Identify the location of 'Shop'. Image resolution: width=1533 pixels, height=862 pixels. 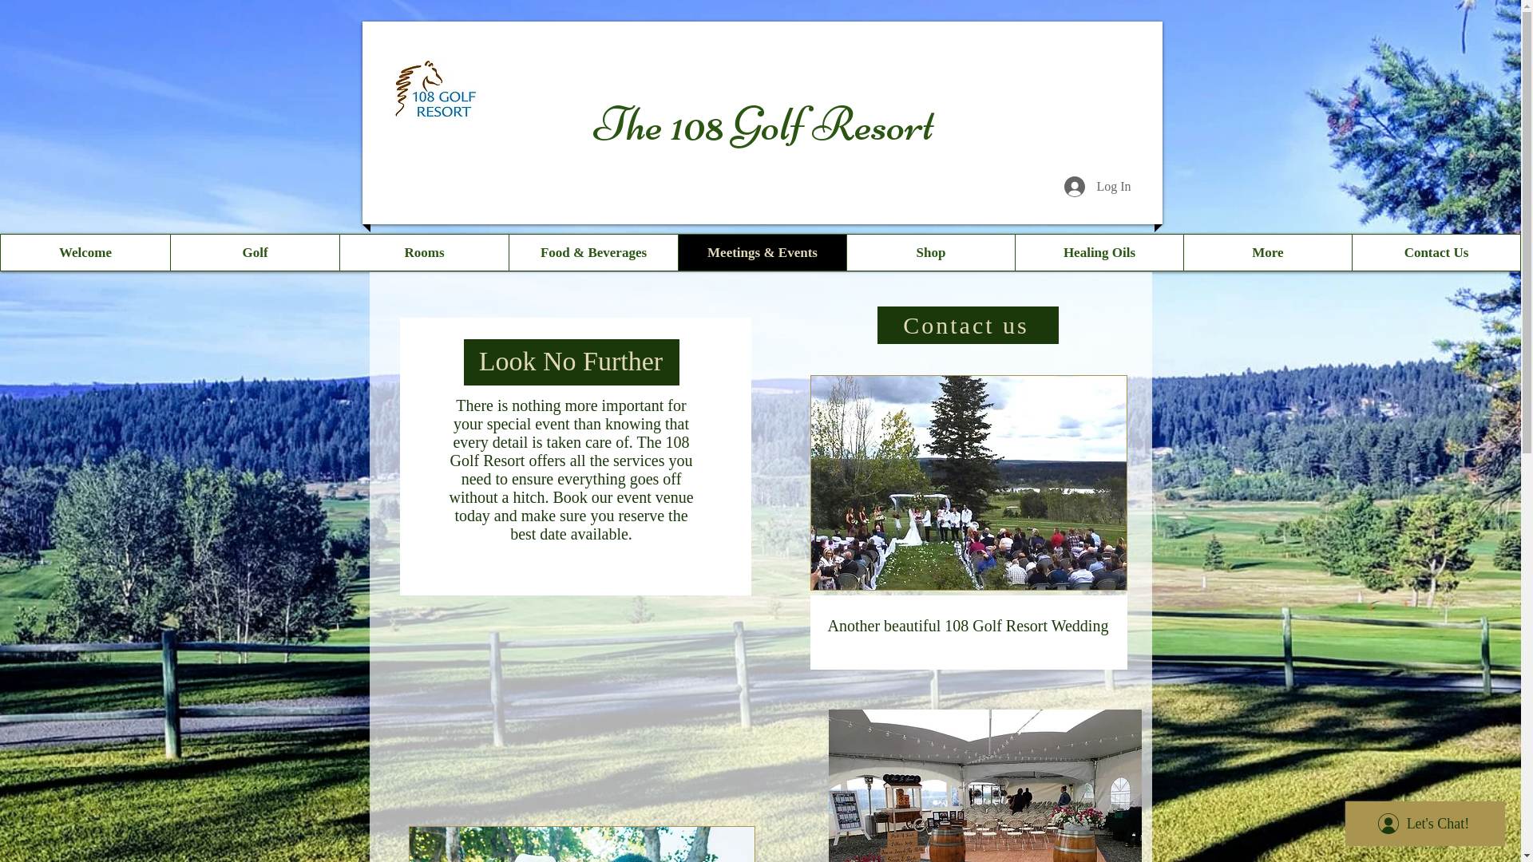
(930, 251).